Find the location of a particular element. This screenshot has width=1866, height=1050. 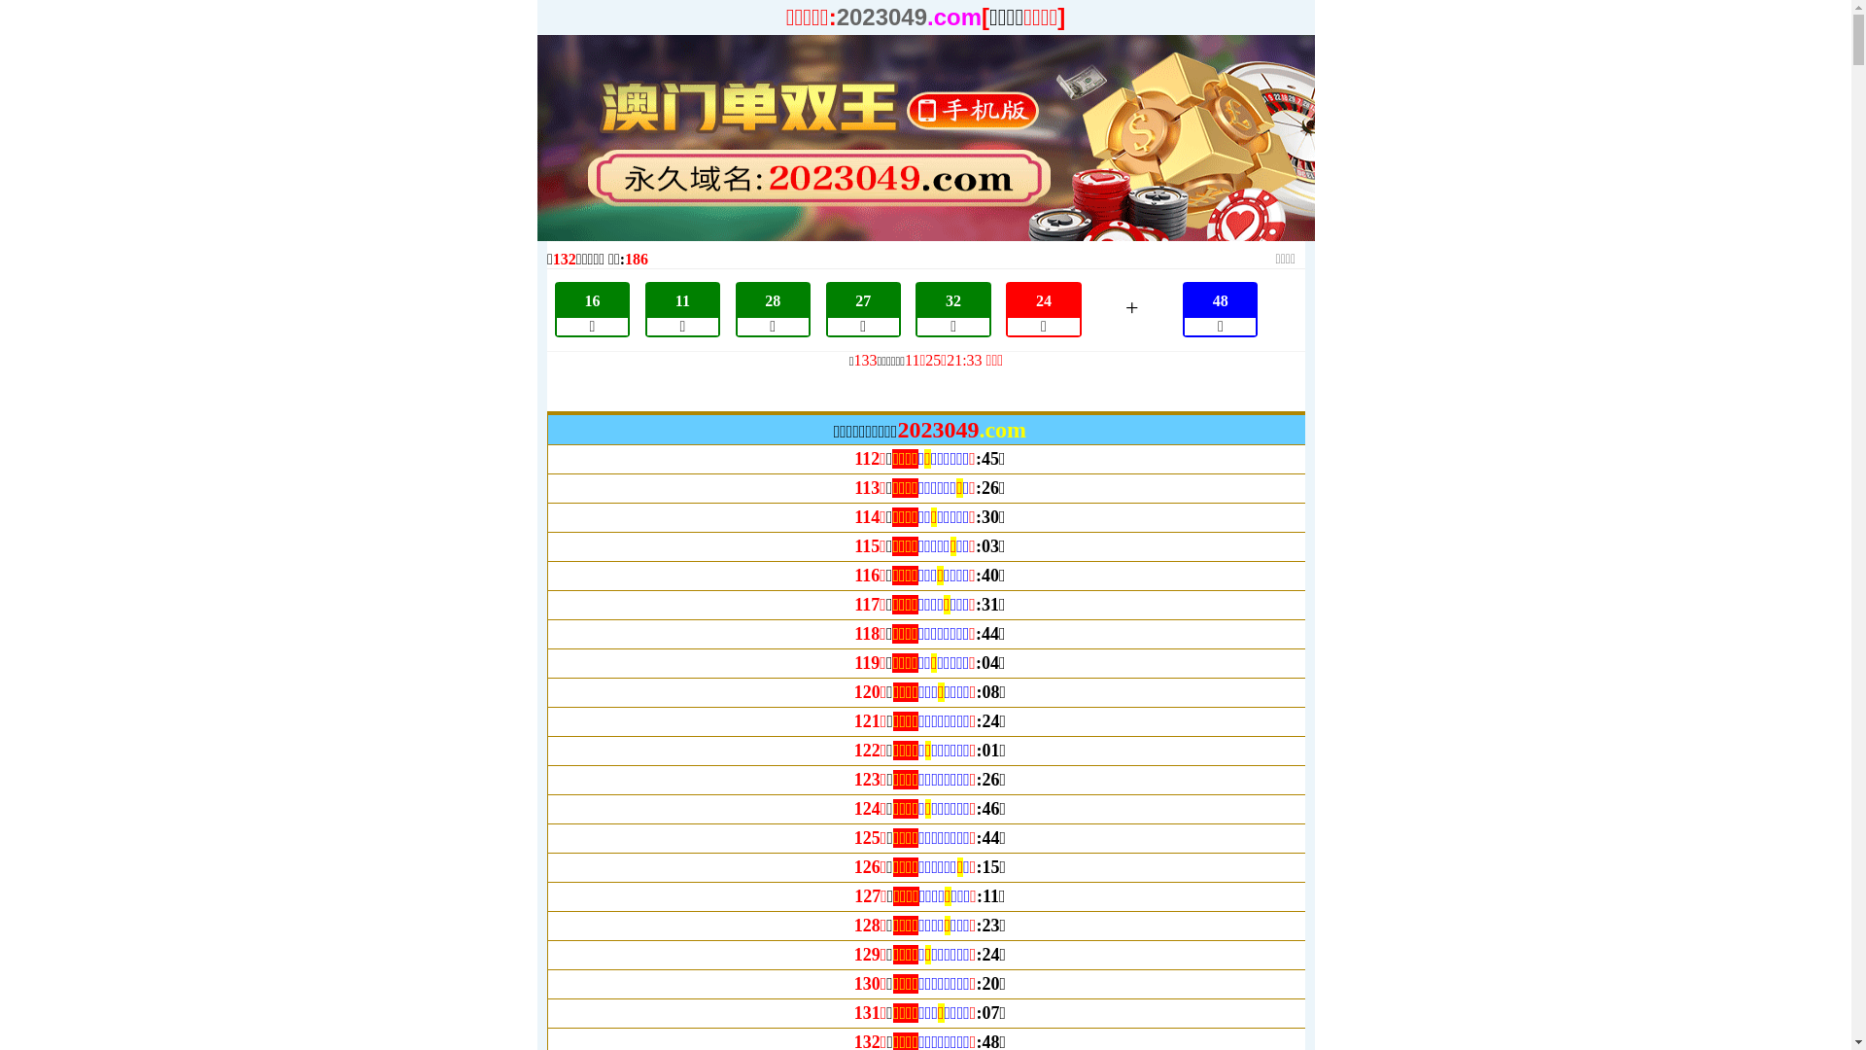

'.com[' is located at coordinates (957, 17).